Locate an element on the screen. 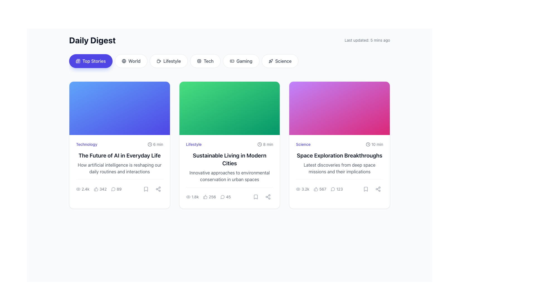 The width and height of the screenshot is (535, 300). the 'bookmark' button located at the bottom right corner of the rightmost card in the layout, which allows users to save content for later reference is located at coordinates (366, 189).